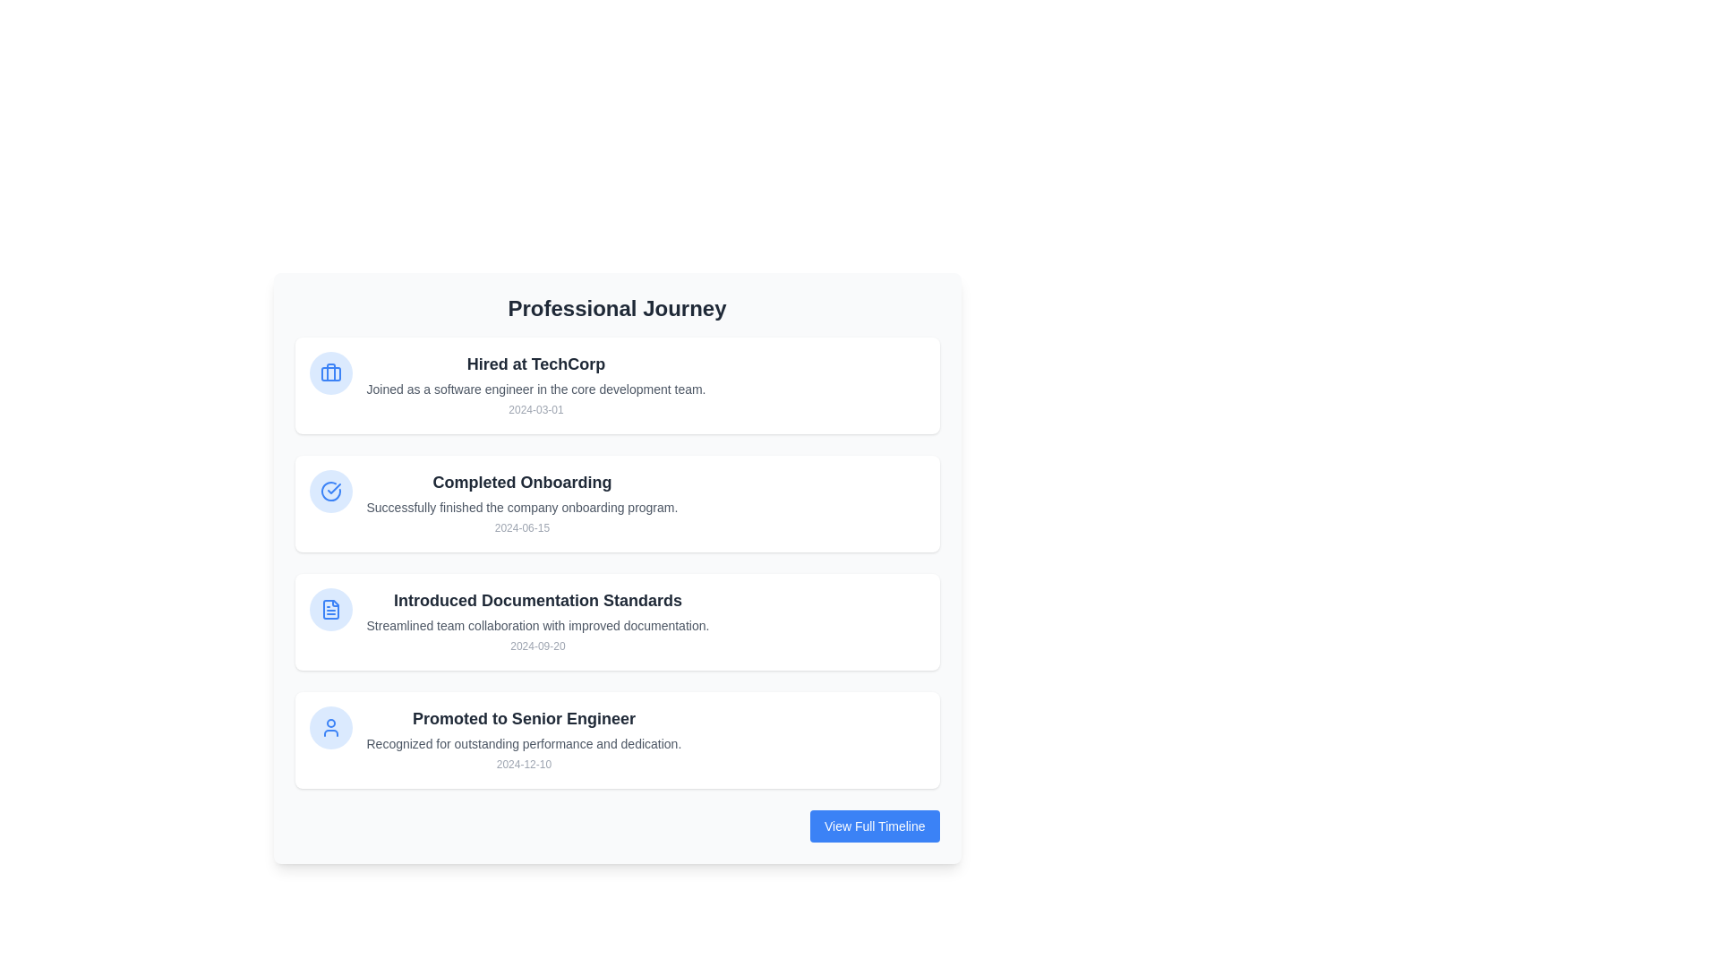  What do you see at coordinates (330, 491) in the screenshot?
I see `the second icon in the vertical list of timeline markers that indicates completion for the 'Completed Onboarding' entry` at bounding box center [330, 491].